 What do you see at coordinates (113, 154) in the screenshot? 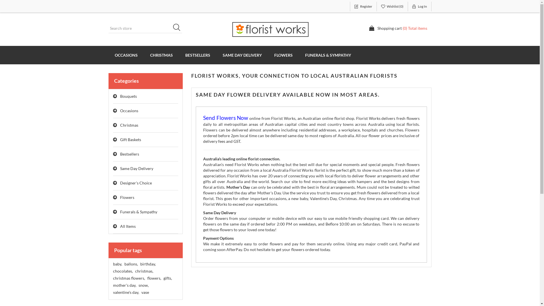
I see `'Bestsellers'` at bounding box center [113, 154].